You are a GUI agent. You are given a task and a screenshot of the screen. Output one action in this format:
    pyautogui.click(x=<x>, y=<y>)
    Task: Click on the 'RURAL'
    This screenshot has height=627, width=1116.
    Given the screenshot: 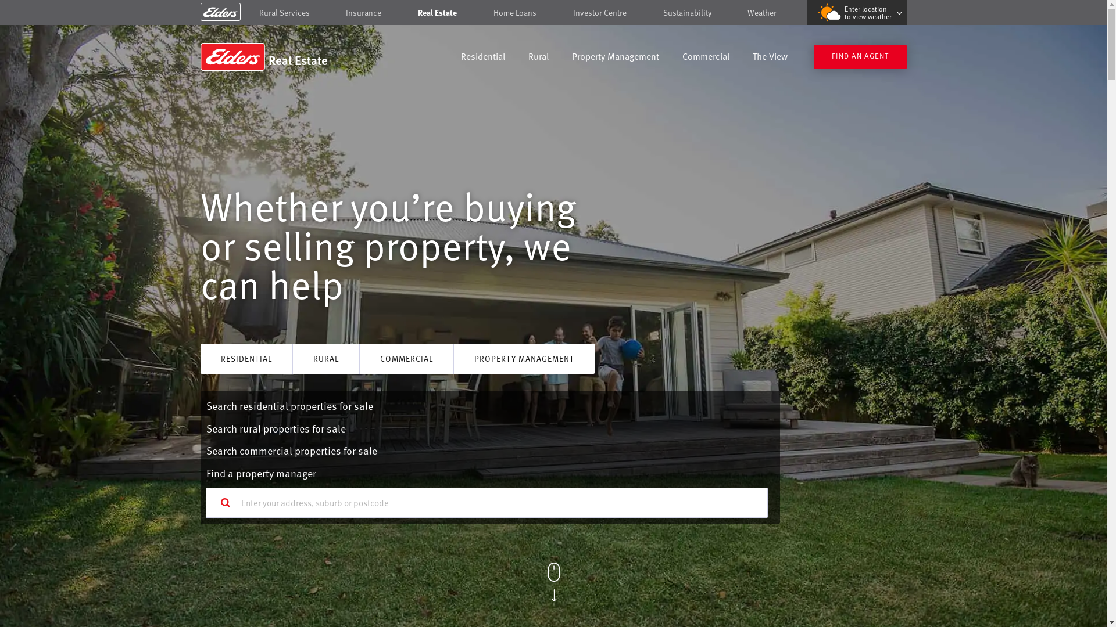 What is the action you would take?
    pyautogui.click(x=325, y=358)
    